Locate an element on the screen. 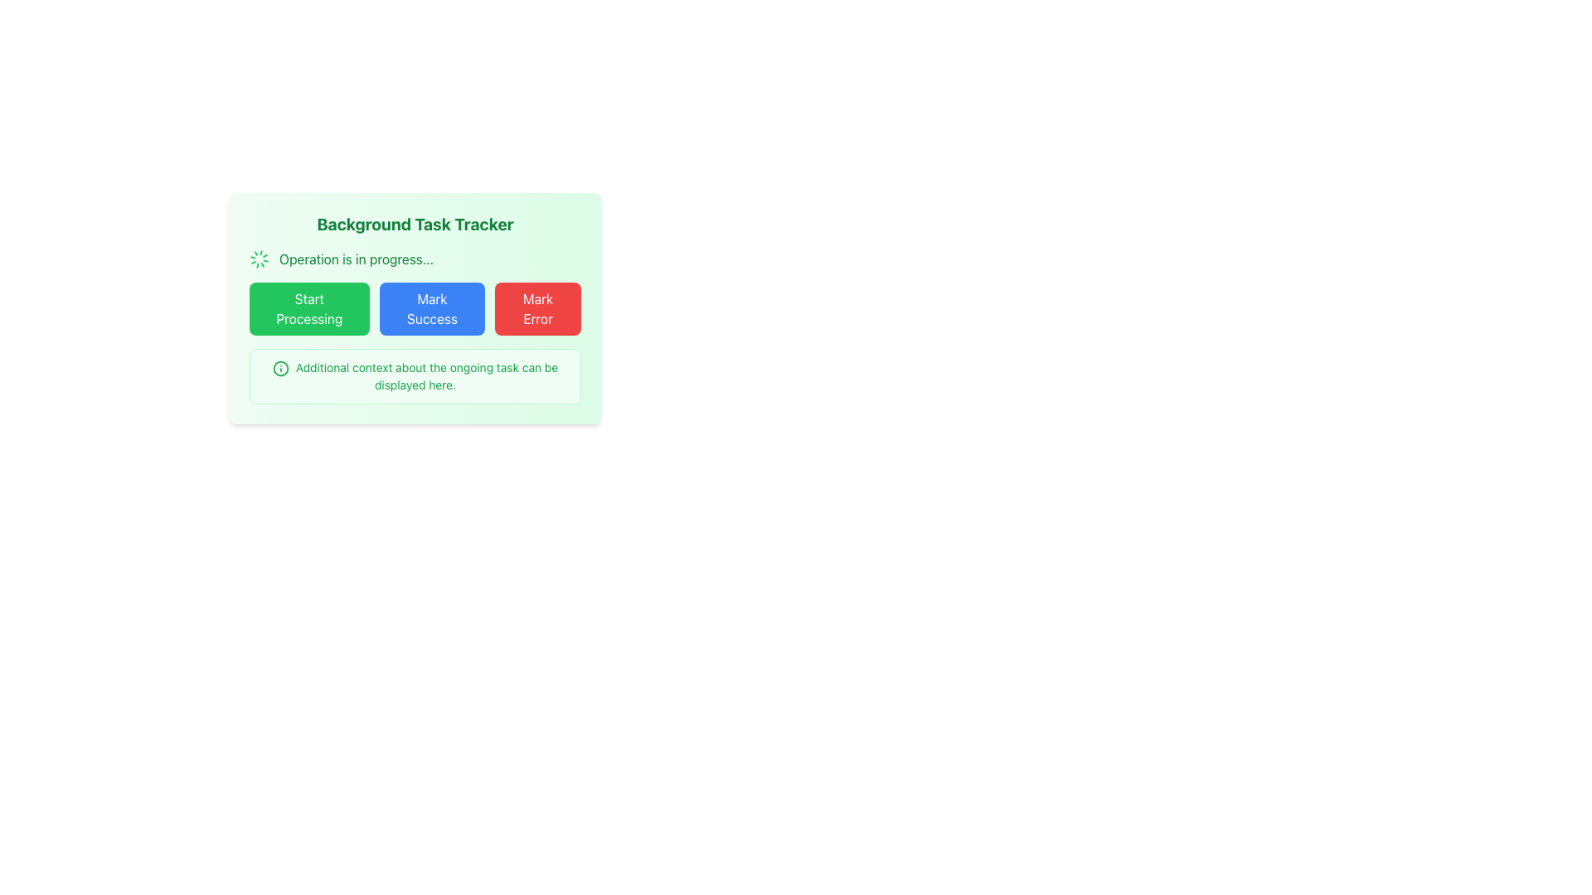 This screenshot has width=1592, height=895. the Graphical Icon (Circle) located to the left of the text labeled 'Additional content about the ongoing task can be displayed here.' is located at coordinates (280, 368).